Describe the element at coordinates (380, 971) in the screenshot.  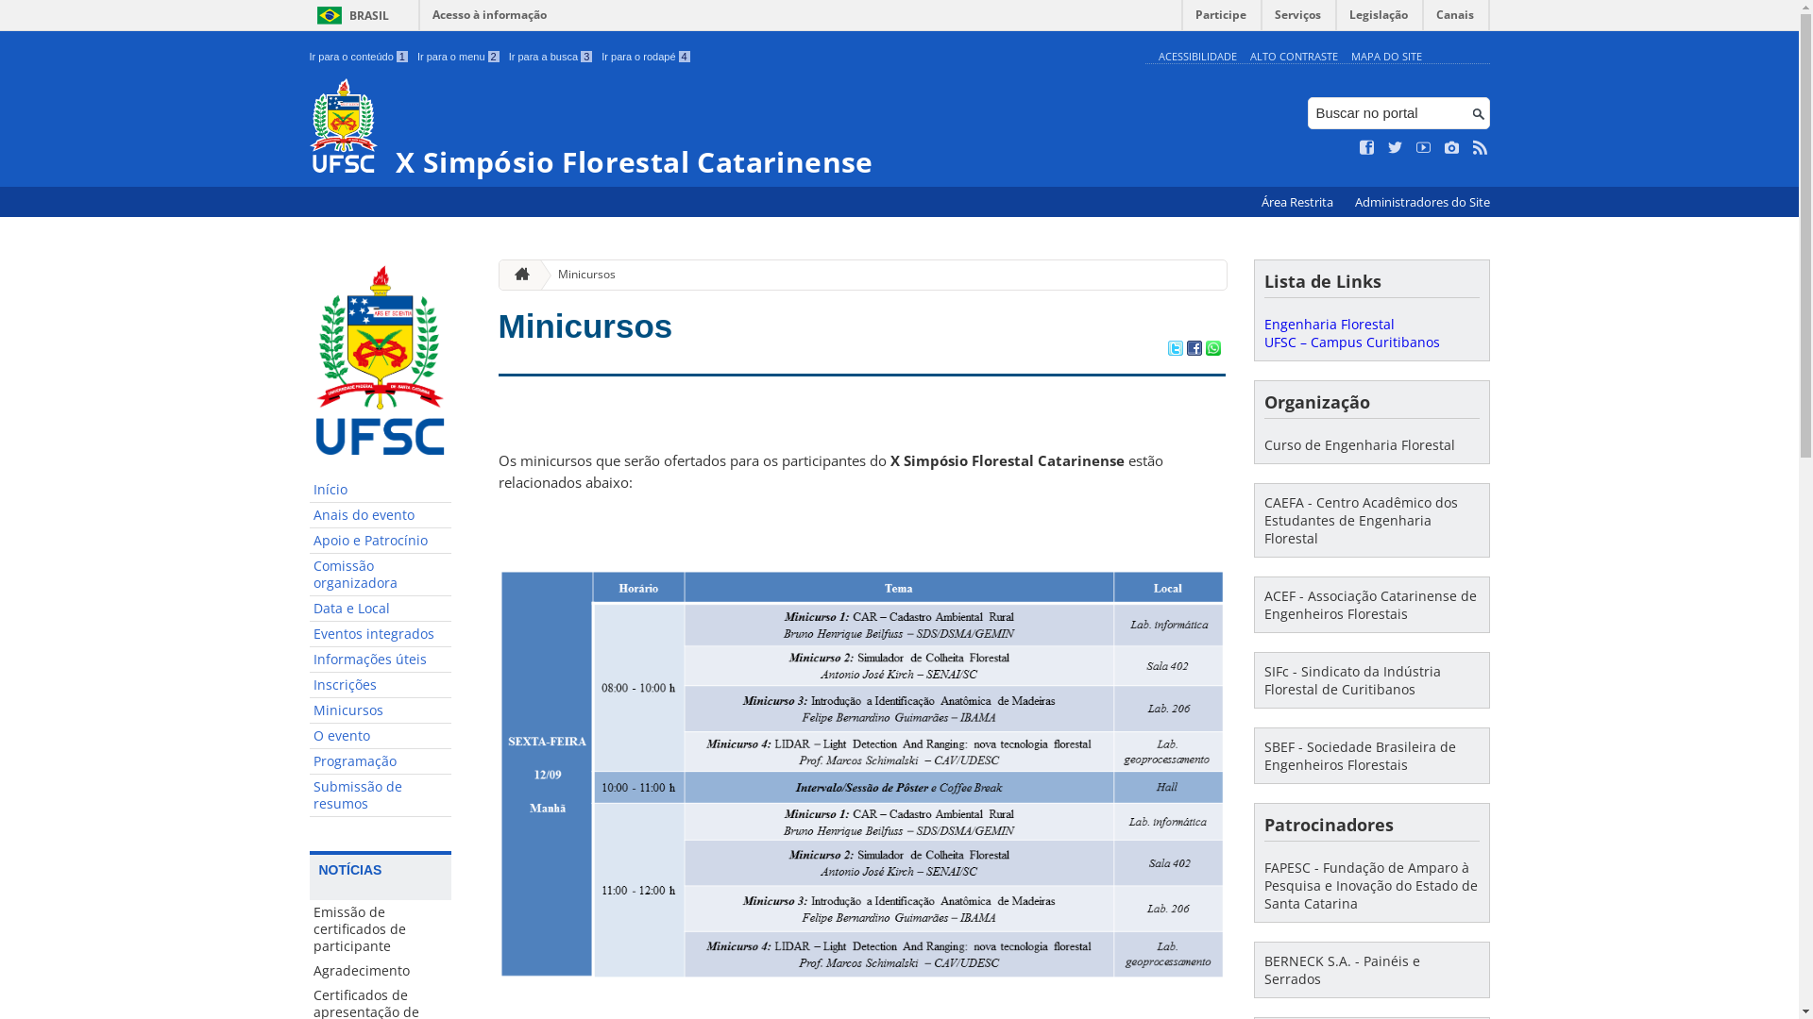
I see `'Agradecimento'` at that location.